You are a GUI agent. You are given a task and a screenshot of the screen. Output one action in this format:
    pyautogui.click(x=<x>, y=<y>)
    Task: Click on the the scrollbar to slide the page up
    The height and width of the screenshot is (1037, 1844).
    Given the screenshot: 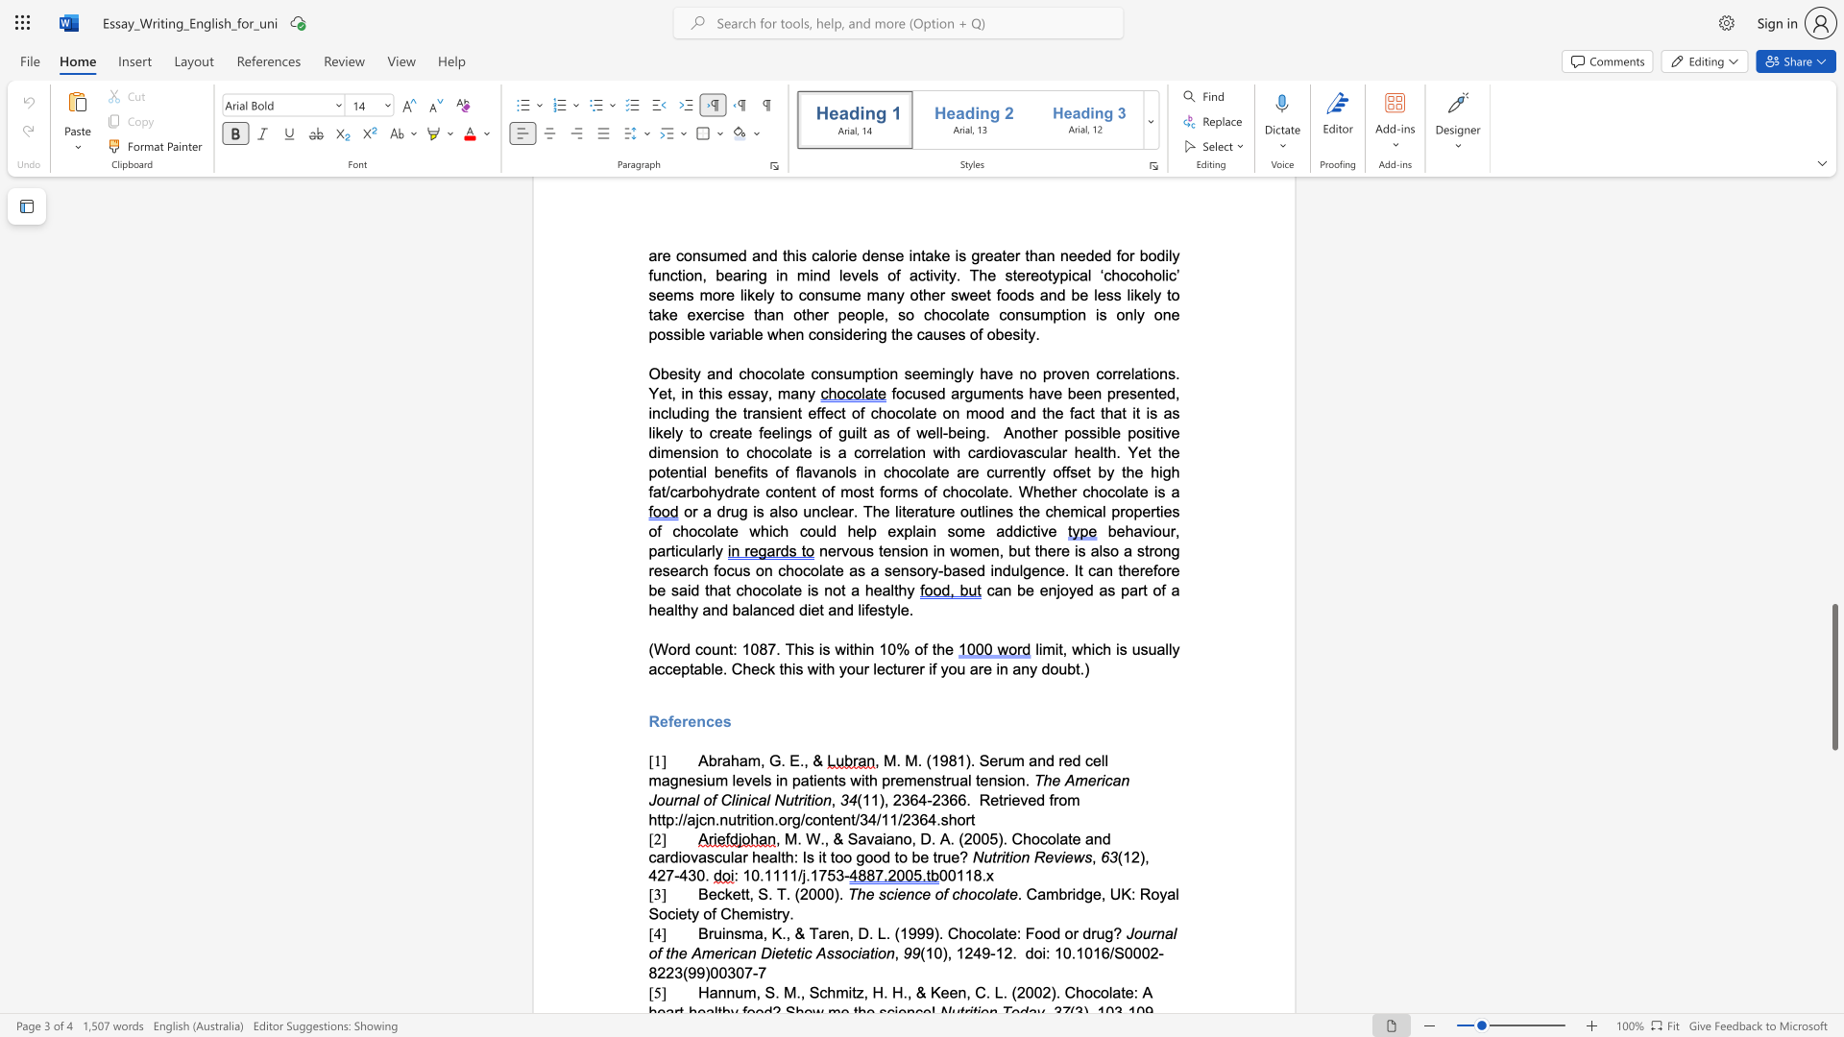 What is the action you would take?
    pyautogui.click(x=1833, y=384)
    